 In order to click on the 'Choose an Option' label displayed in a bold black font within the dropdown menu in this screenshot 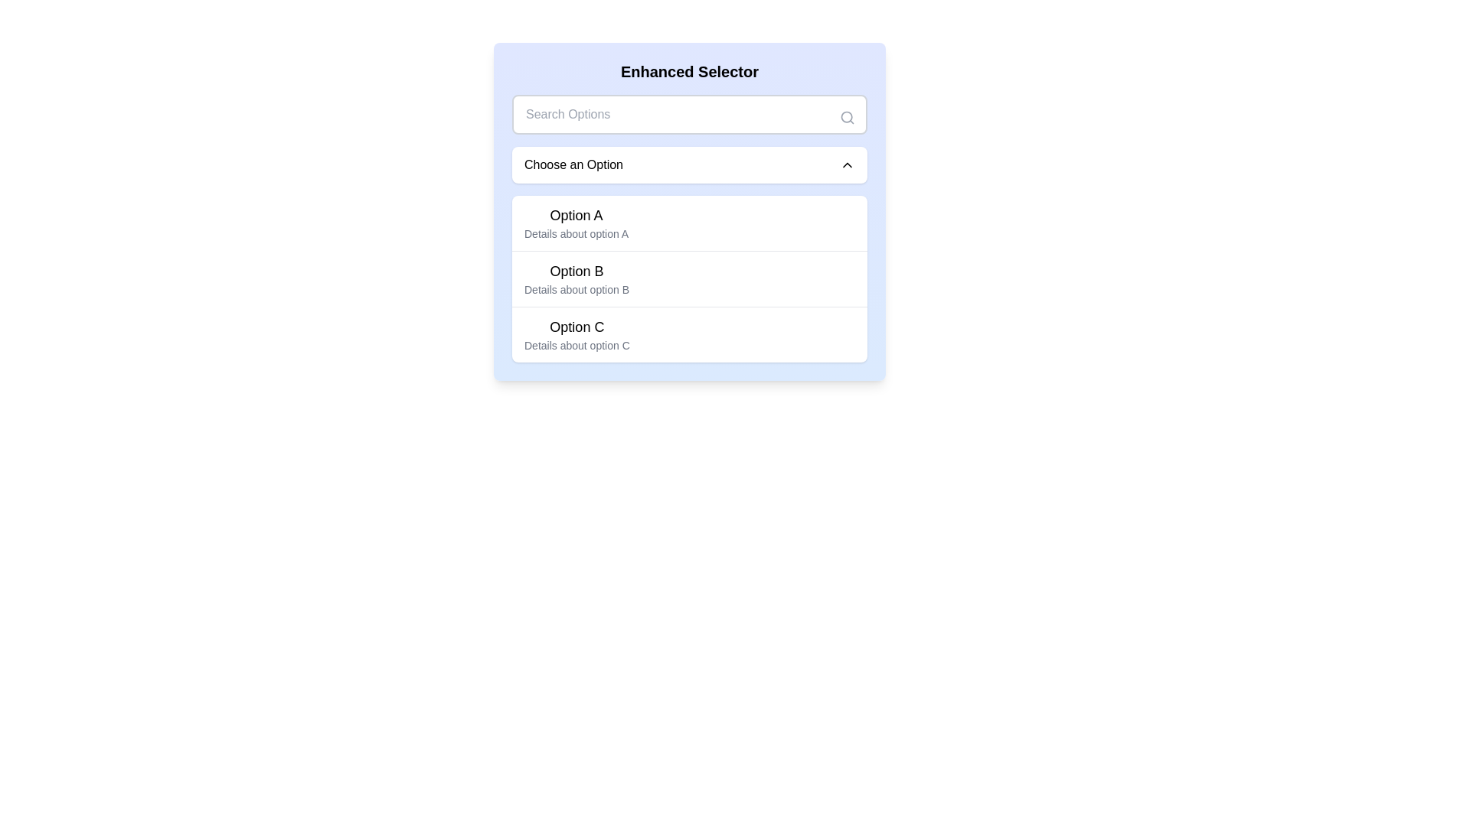, I will do `click(573, 165)`.